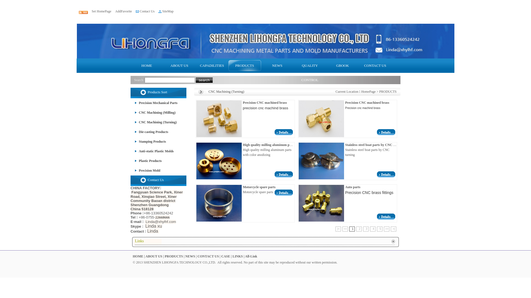 Image resolution: width=531 pixels, height=298 pixels. Describe the element at coordinates (345, 229) in the screenshot. I see `'<<'` at that location.